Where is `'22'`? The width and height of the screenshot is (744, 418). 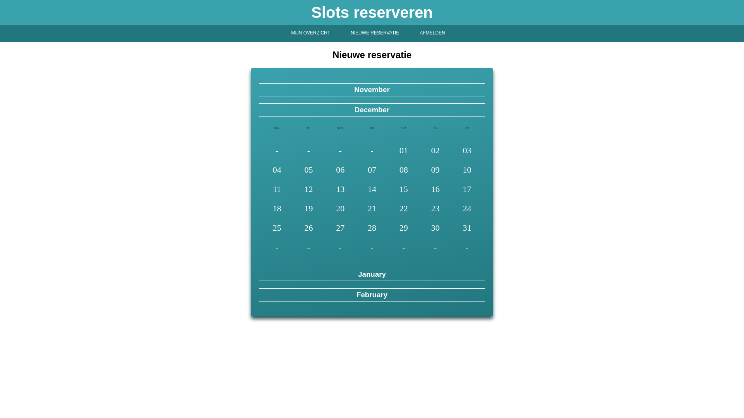 '22' is located at coordinates (403, 209).